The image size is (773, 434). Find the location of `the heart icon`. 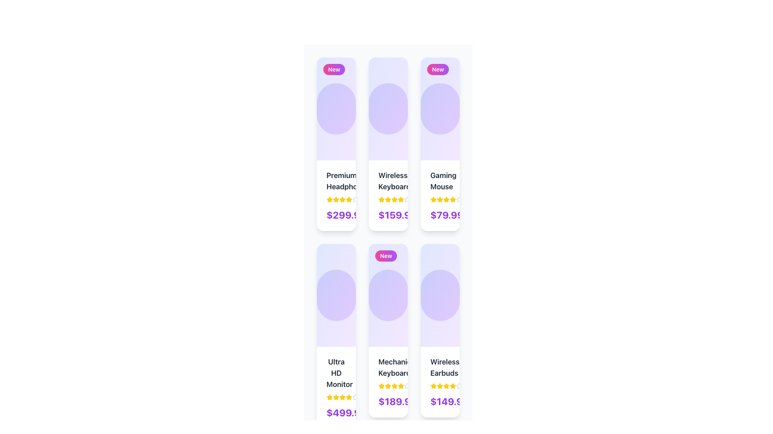

the heart icon is located at coordinates (360, 108).